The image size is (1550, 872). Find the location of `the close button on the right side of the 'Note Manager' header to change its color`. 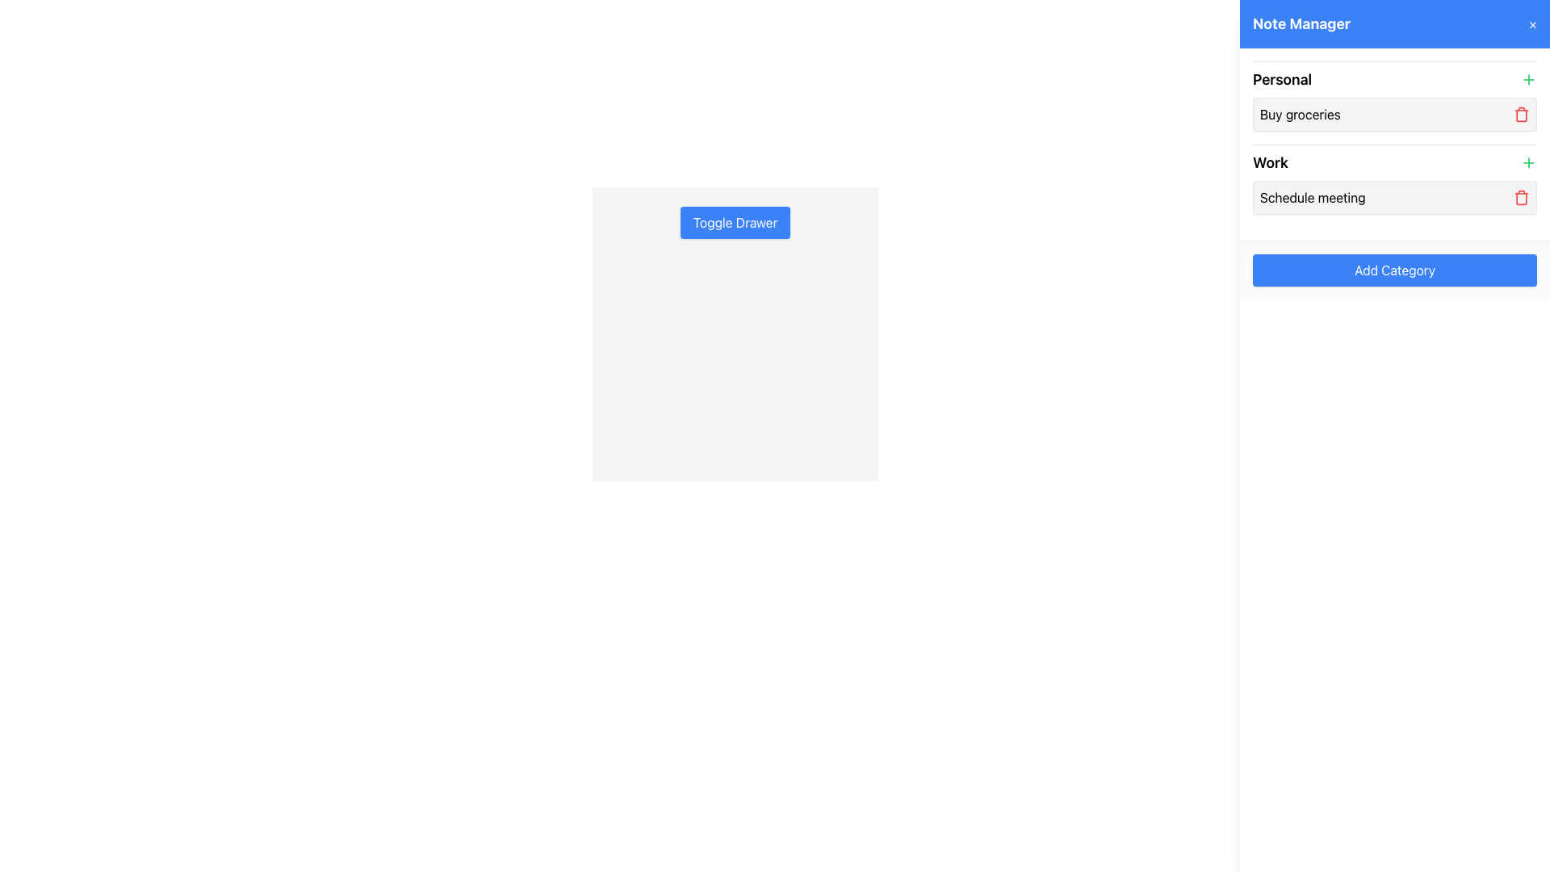

the close button on the right side of the 'Note Manager' header to change its color is located at coordinates (1532, 24).